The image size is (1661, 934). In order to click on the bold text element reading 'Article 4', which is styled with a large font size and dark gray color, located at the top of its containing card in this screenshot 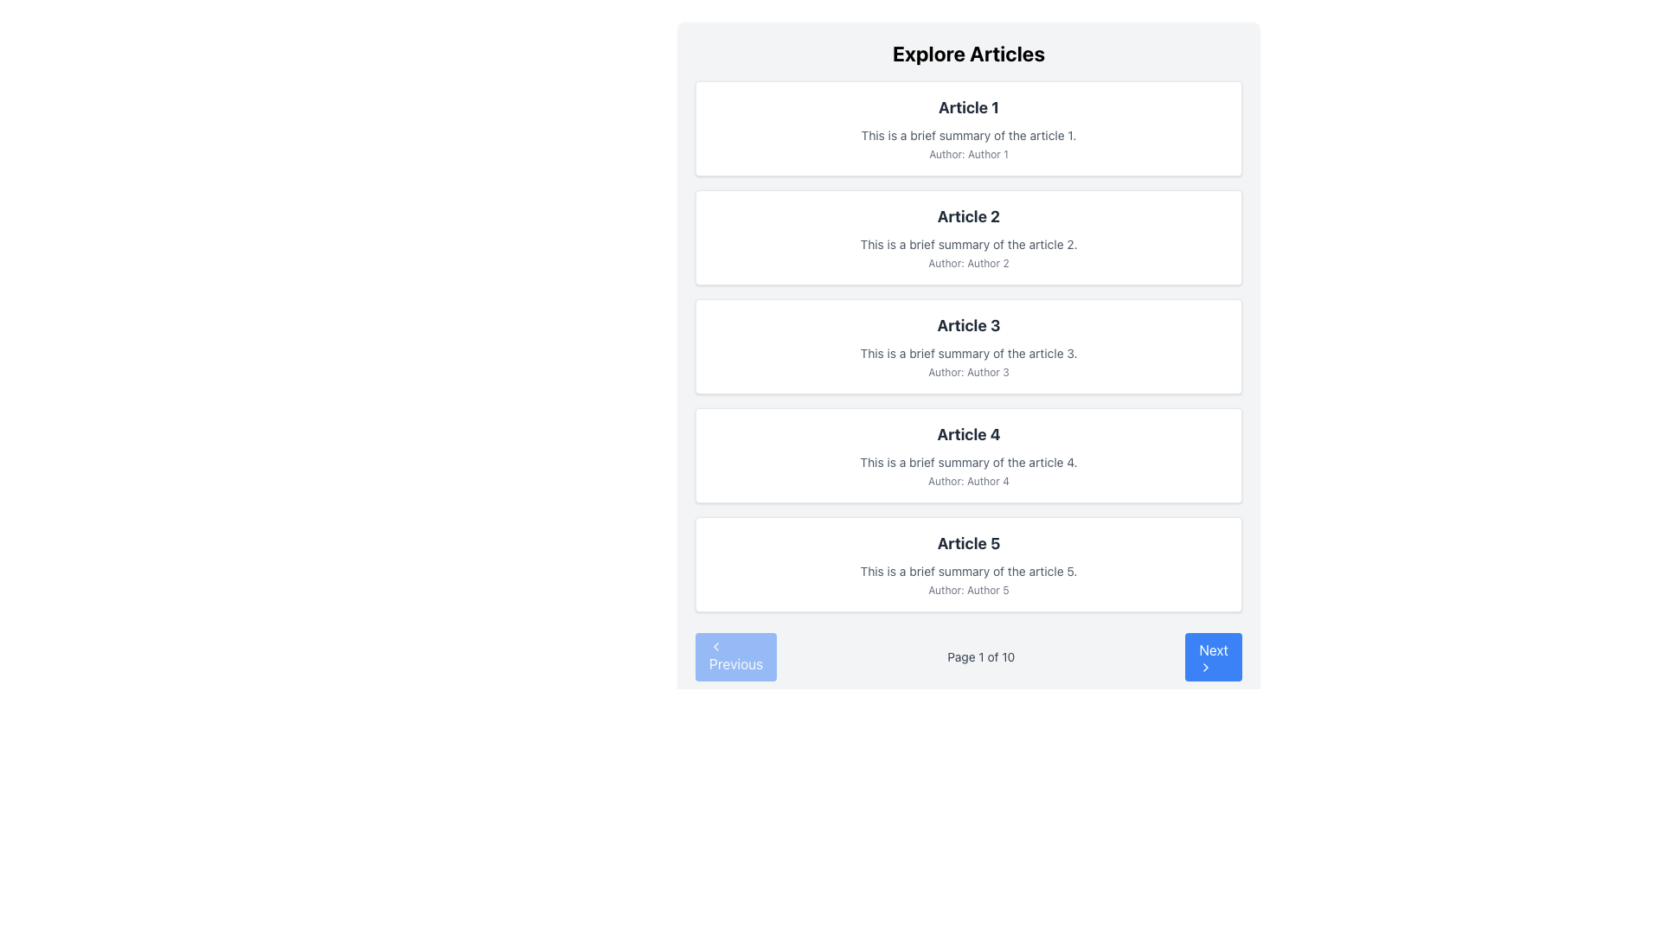, I will do `click(967, 433)`.